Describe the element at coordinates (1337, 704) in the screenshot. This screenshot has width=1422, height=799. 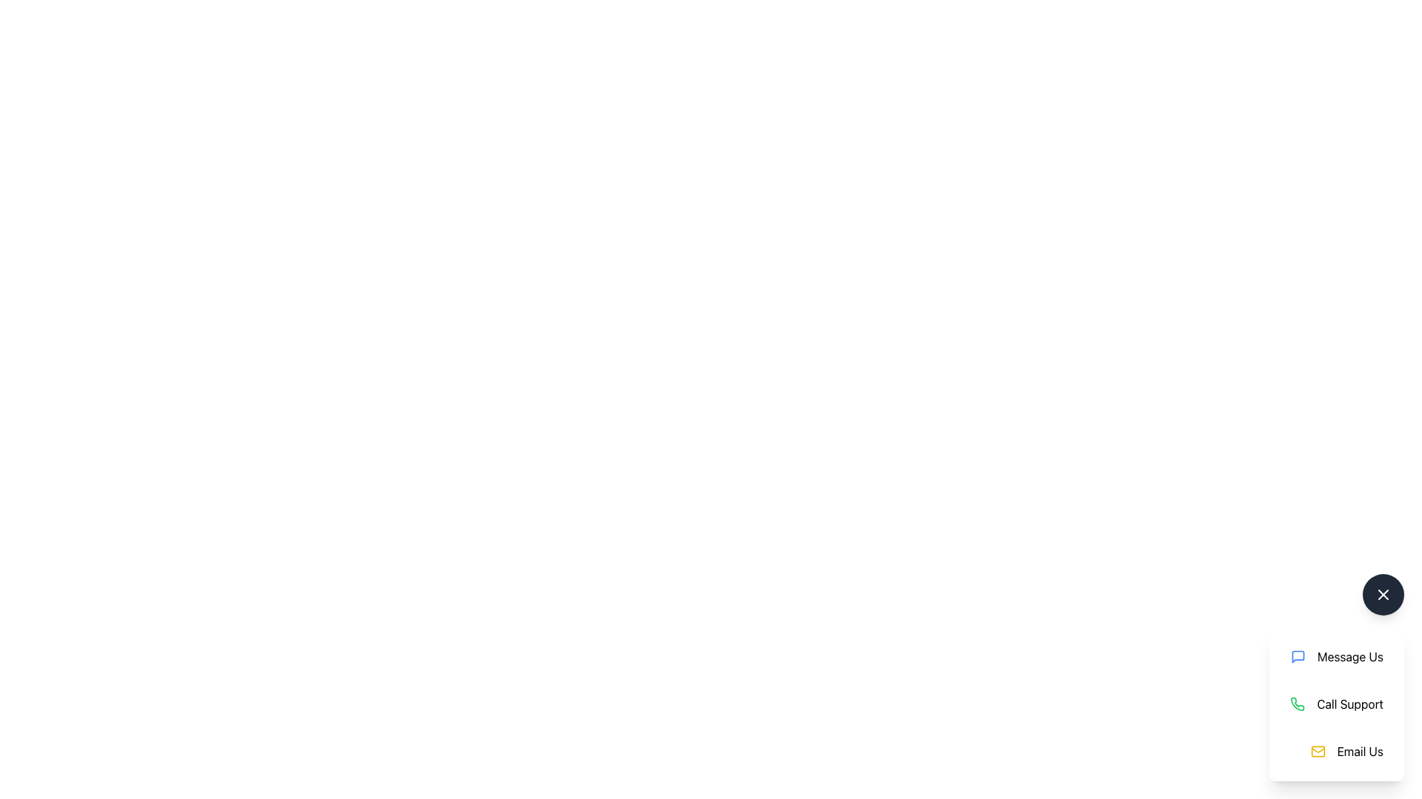
I see `the 'Call Support' button in the vertical menu located in the lower-right corner of the user interface` at that location.